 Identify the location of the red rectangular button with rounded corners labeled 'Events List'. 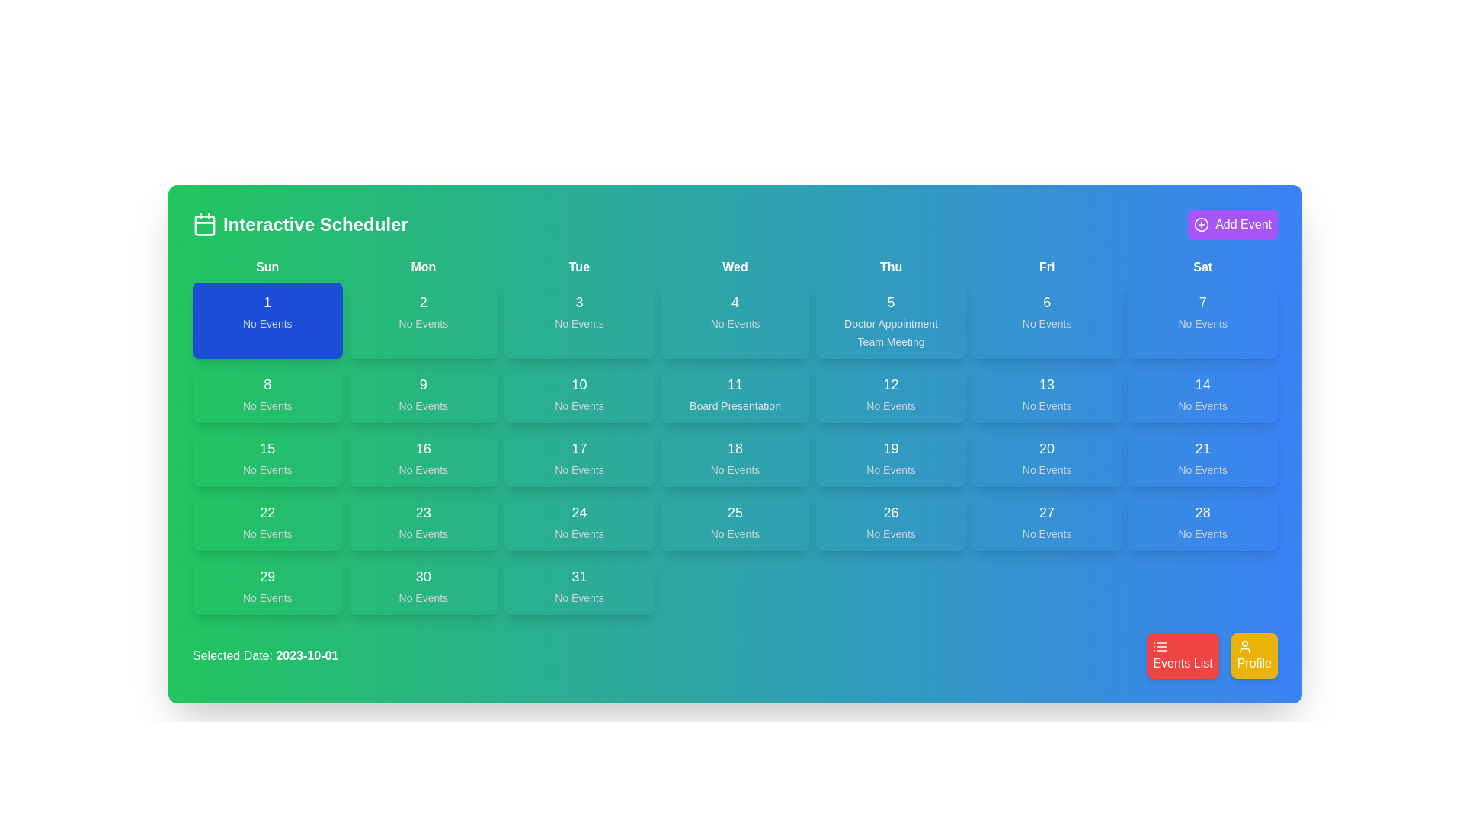
(1212, 655).